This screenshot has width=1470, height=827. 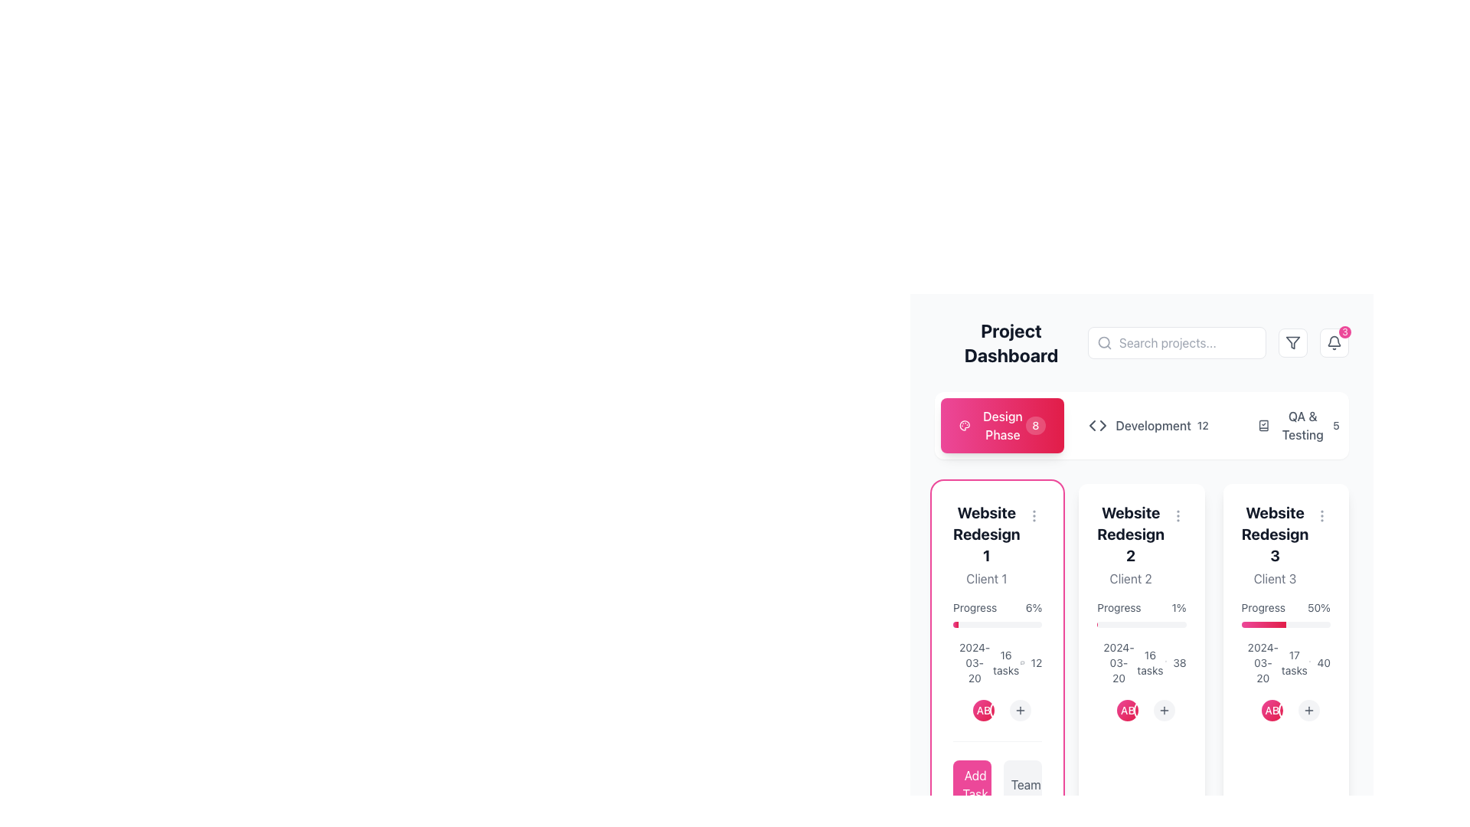 I want to click on the search icon element located within the search input field, positioned on the left side near its center, so click(x=1105, y=342).